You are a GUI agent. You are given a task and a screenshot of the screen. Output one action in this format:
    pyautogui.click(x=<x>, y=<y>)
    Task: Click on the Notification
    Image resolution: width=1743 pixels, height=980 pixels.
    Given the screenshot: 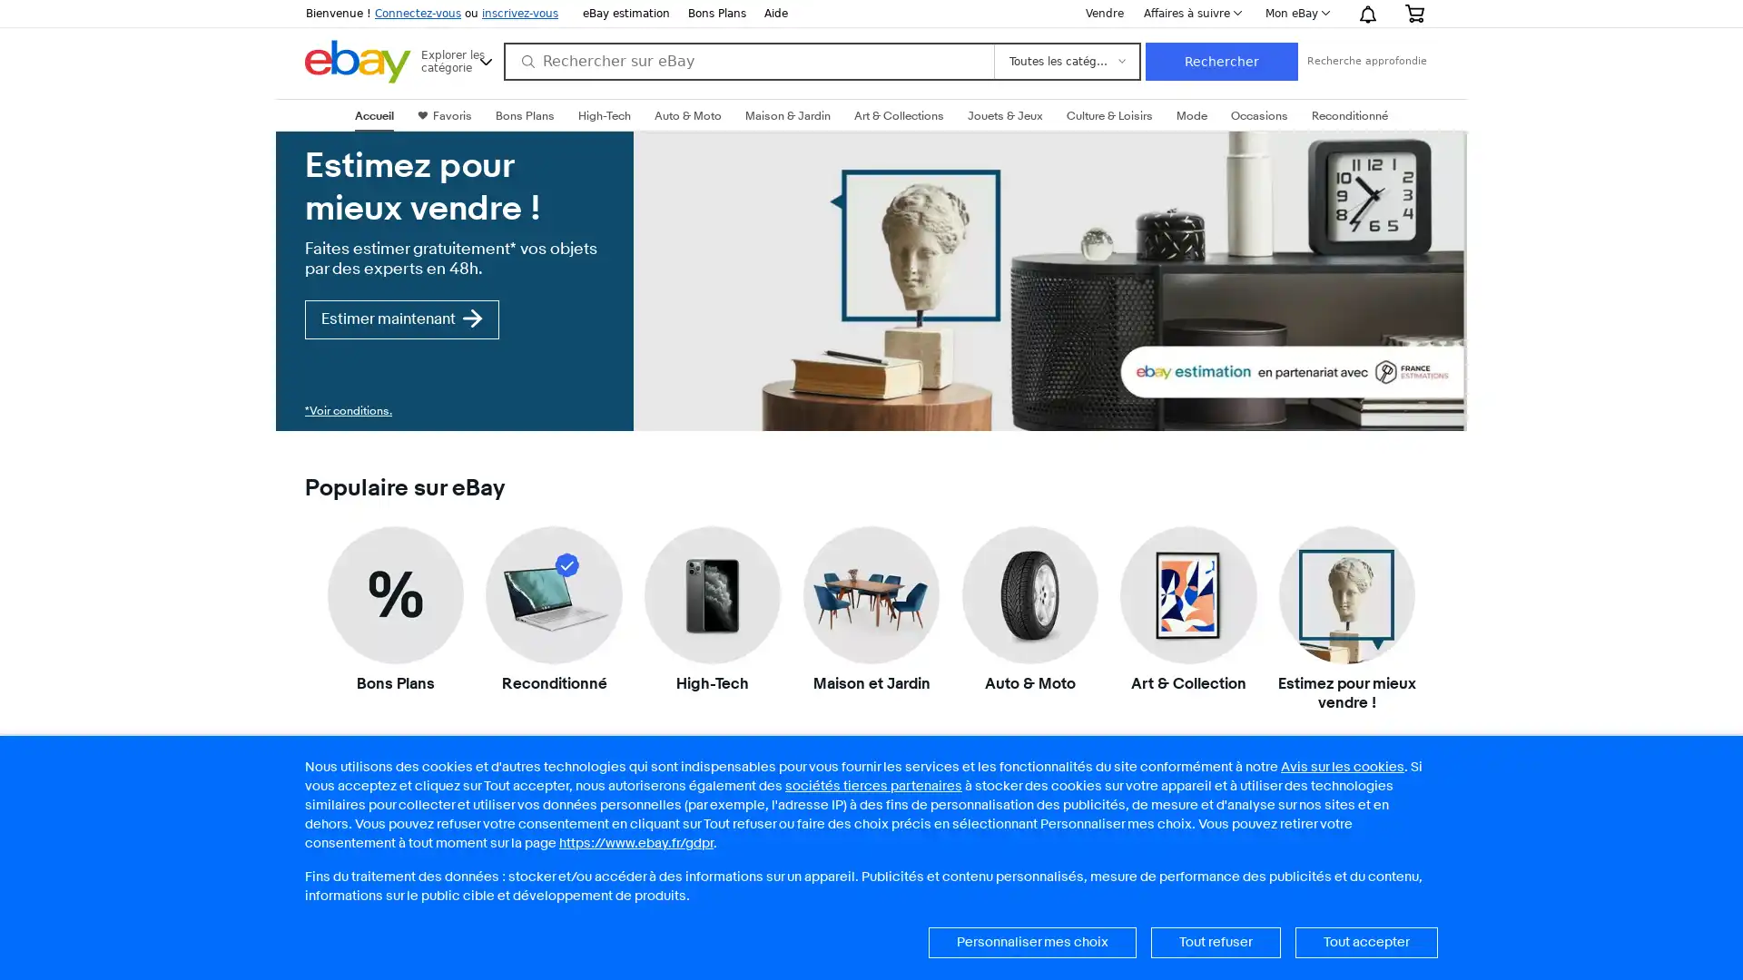 What is the action you would take?
    pyautogui.click(x=1367, y=14)
    